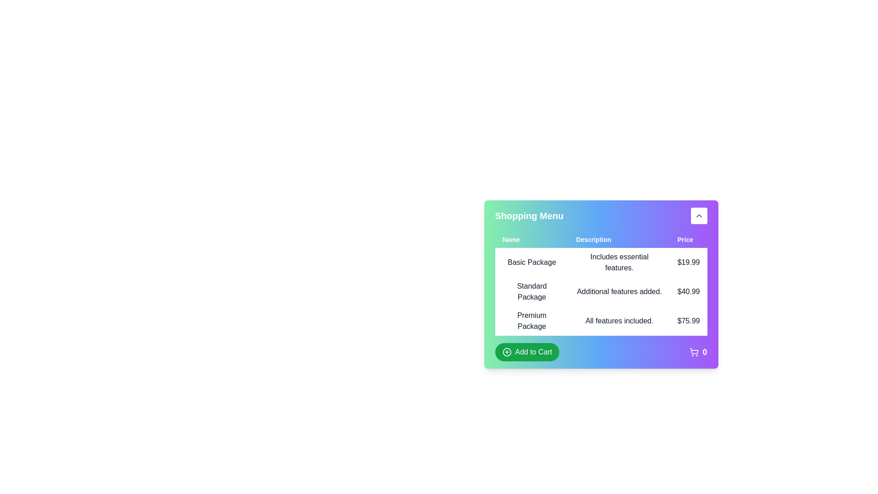 Image resolution: width=878 pixels, height=494 pixels. What do you see at coordinates (532, 291) in the screenshot?
I see `the 'Standard Package' text label, which is displayed in dark color on a white background, located in the middle row under the 'Name' column of the 'Shopping Menu' interface` at bounding box center [532, 291].